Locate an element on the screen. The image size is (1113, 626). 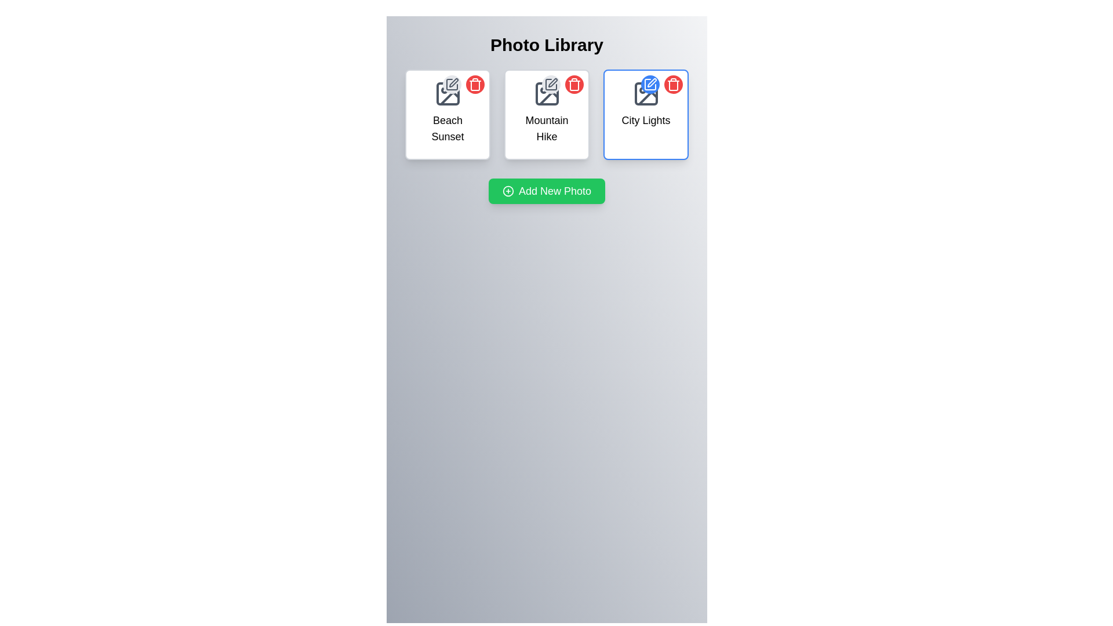
the edit button located in the top-right corner of the 'City Lights' card is located at coordinates (650, 84).